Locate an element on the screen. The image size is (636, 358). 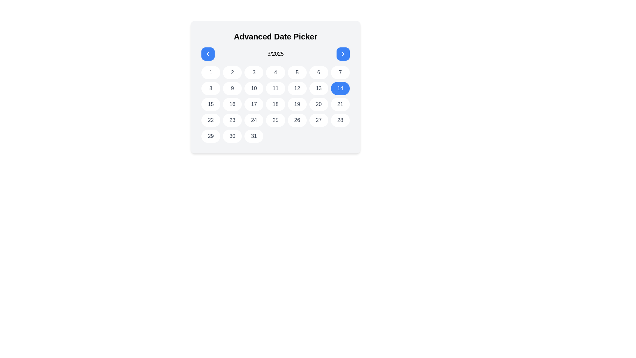
the button representing the fourth day of the month is located at coordinates (275, 73).